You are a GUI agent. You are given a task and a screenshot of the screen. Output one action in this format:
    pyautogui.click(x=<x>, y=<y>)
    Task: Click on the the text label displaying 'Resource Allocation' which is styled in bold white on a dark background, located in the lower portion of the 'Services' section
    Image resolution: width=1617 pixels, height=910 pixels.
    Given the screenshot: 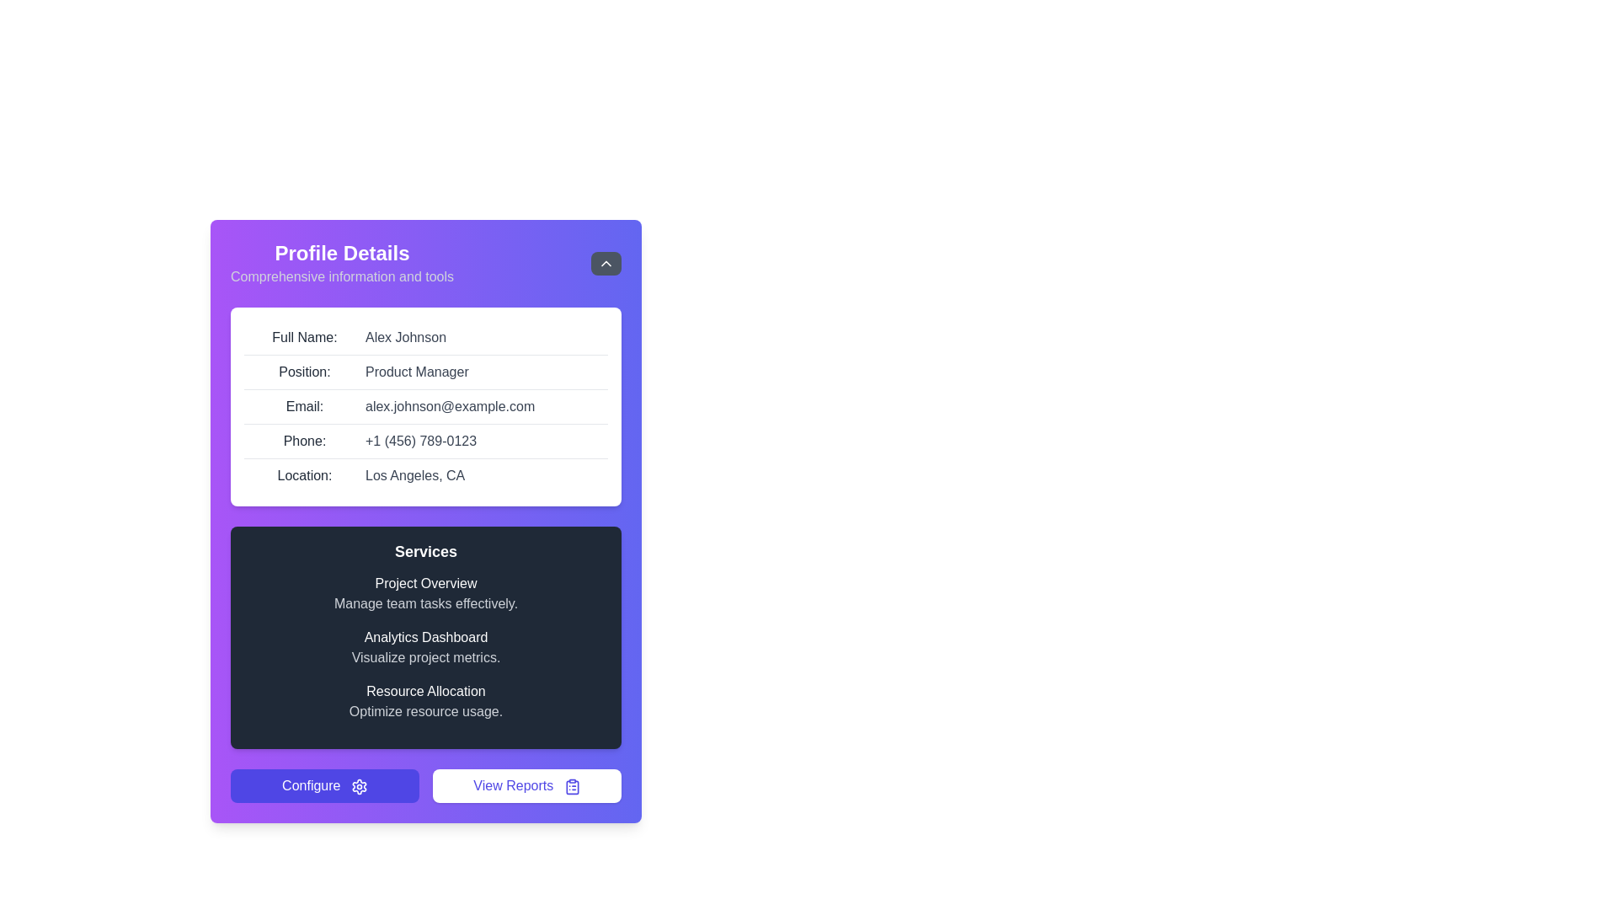 What is the action you would take?
    pyautogui.click(x=425, y=692)
    